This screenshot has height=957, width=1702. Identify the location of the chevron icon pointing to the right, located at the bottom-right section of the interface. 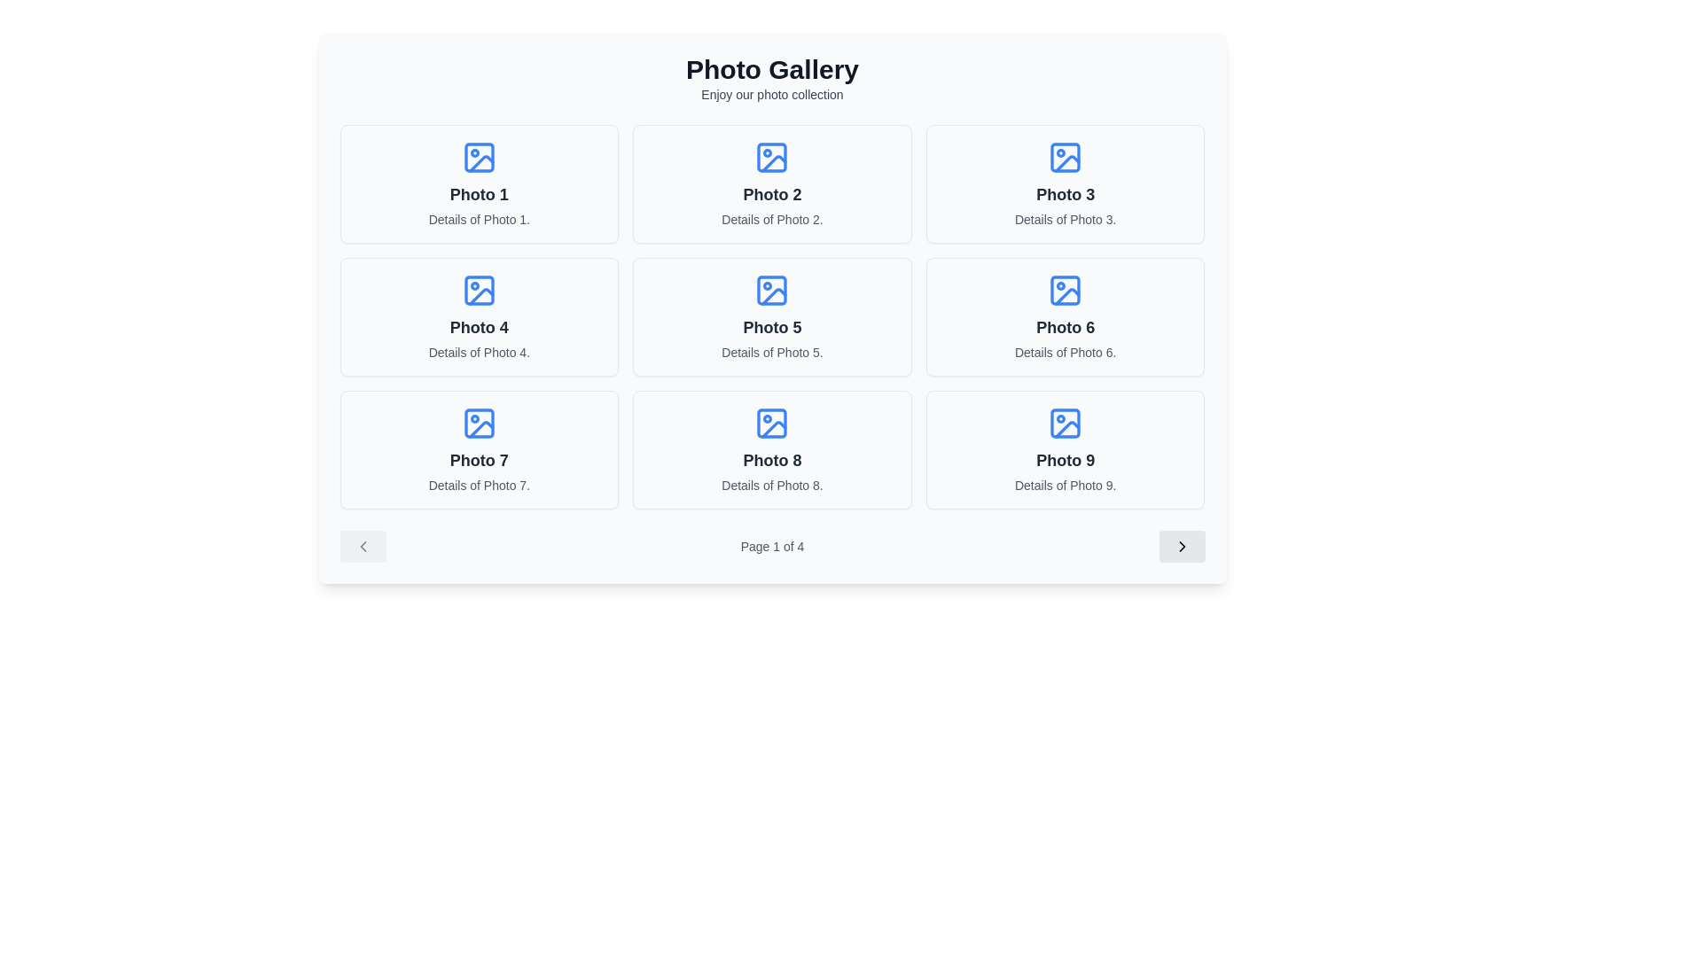
(1182, 546).